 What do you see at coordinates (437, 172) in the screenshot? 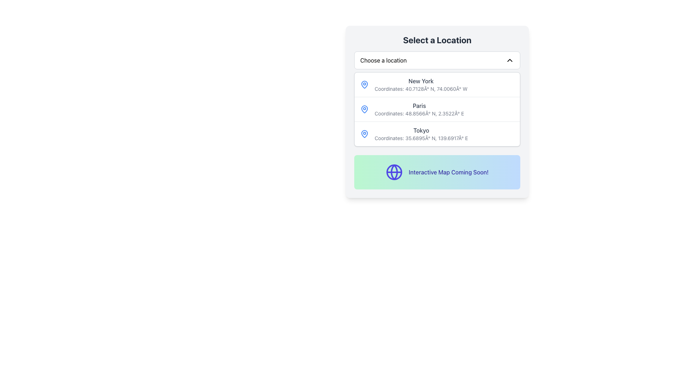
I see `the rectangular banner with rounded corners and a gradient background that features a globe icon and the text 'Interactive Map Coming Soon!' positioned at the bottom of the 'Select a Location' card` at bounding box center [437, 172].